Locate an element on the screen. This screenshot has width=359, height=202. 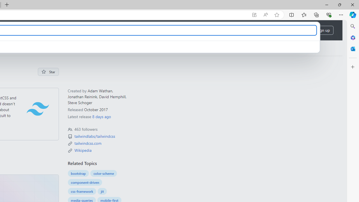
'tailwind logo' is located at coordinates (38, 109).